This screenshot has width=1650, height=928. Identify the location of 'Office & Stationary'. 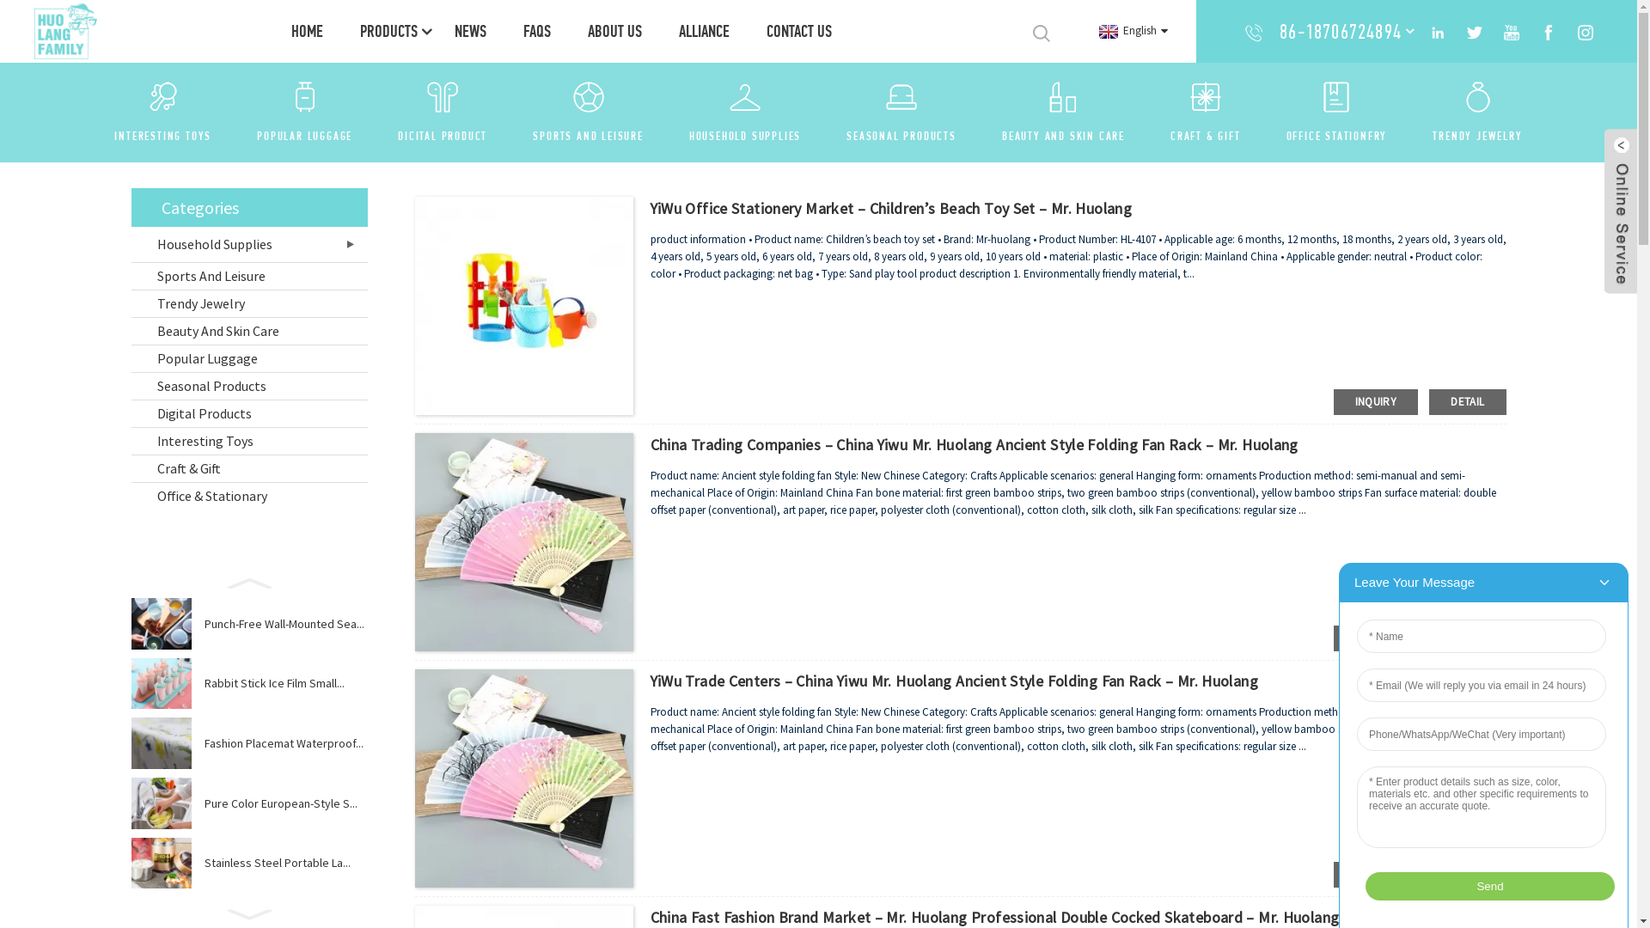
(247, 496).